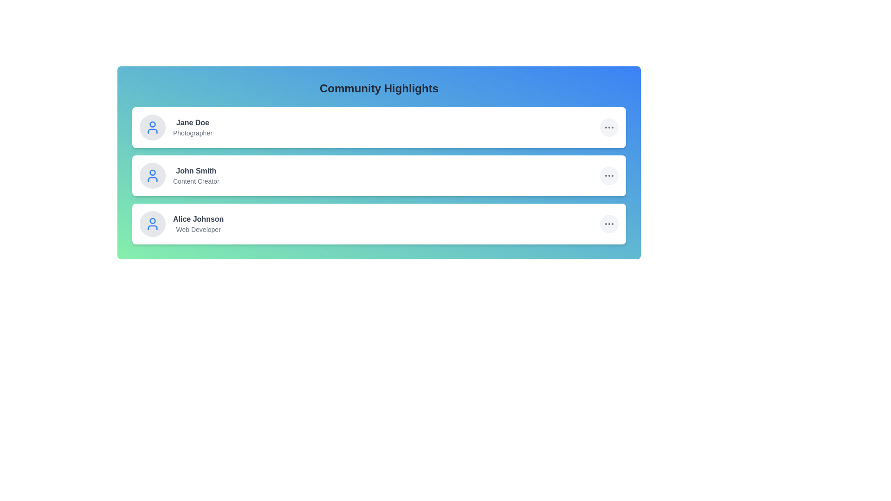 This screenshot has height=501, width=891. What do you see at coordinates (609, 175) in the screenshot?
I see `the button with an ellipsis icon located at the far-right corner of the 'John Smith Content Creator' card` at bounding box center [609, 175].